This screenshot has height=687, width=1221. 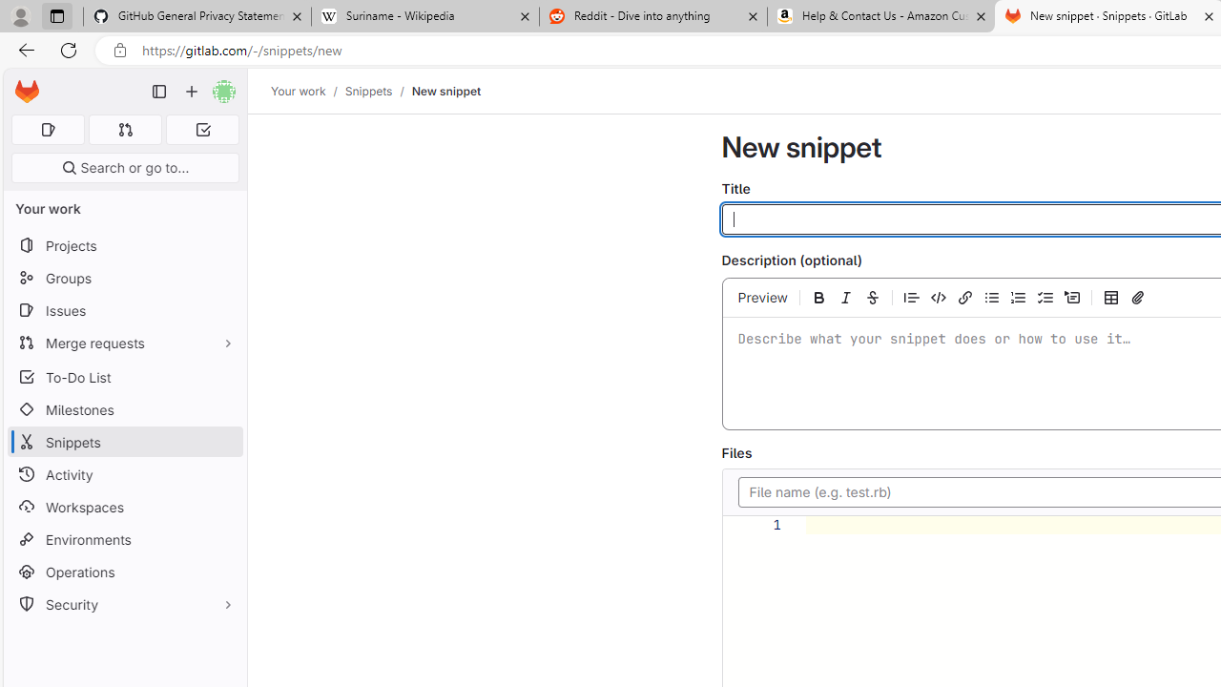 I want to click on 'Security', so click(x=124, y=604).